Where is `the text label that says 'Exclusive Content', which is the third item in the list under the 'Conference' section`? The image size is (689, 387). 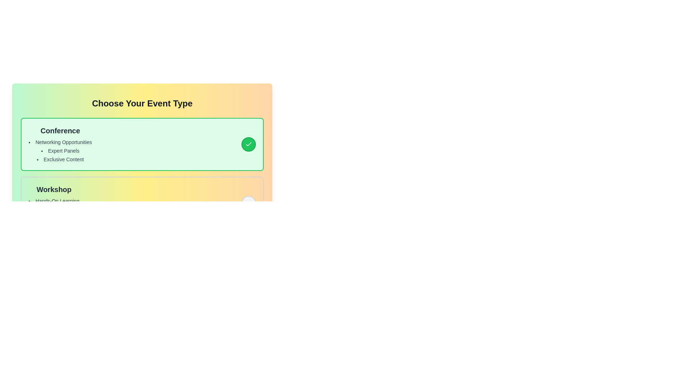
the text label that says 'Exclusive Content', which is the third item in the list under the 'Conference' section is located at coordinates (60, 159).